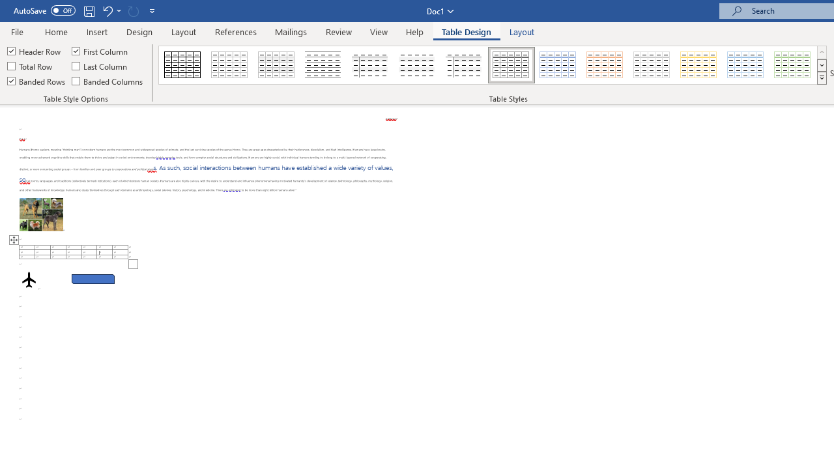  I want to click on 'Table Design', so click(467, 31).